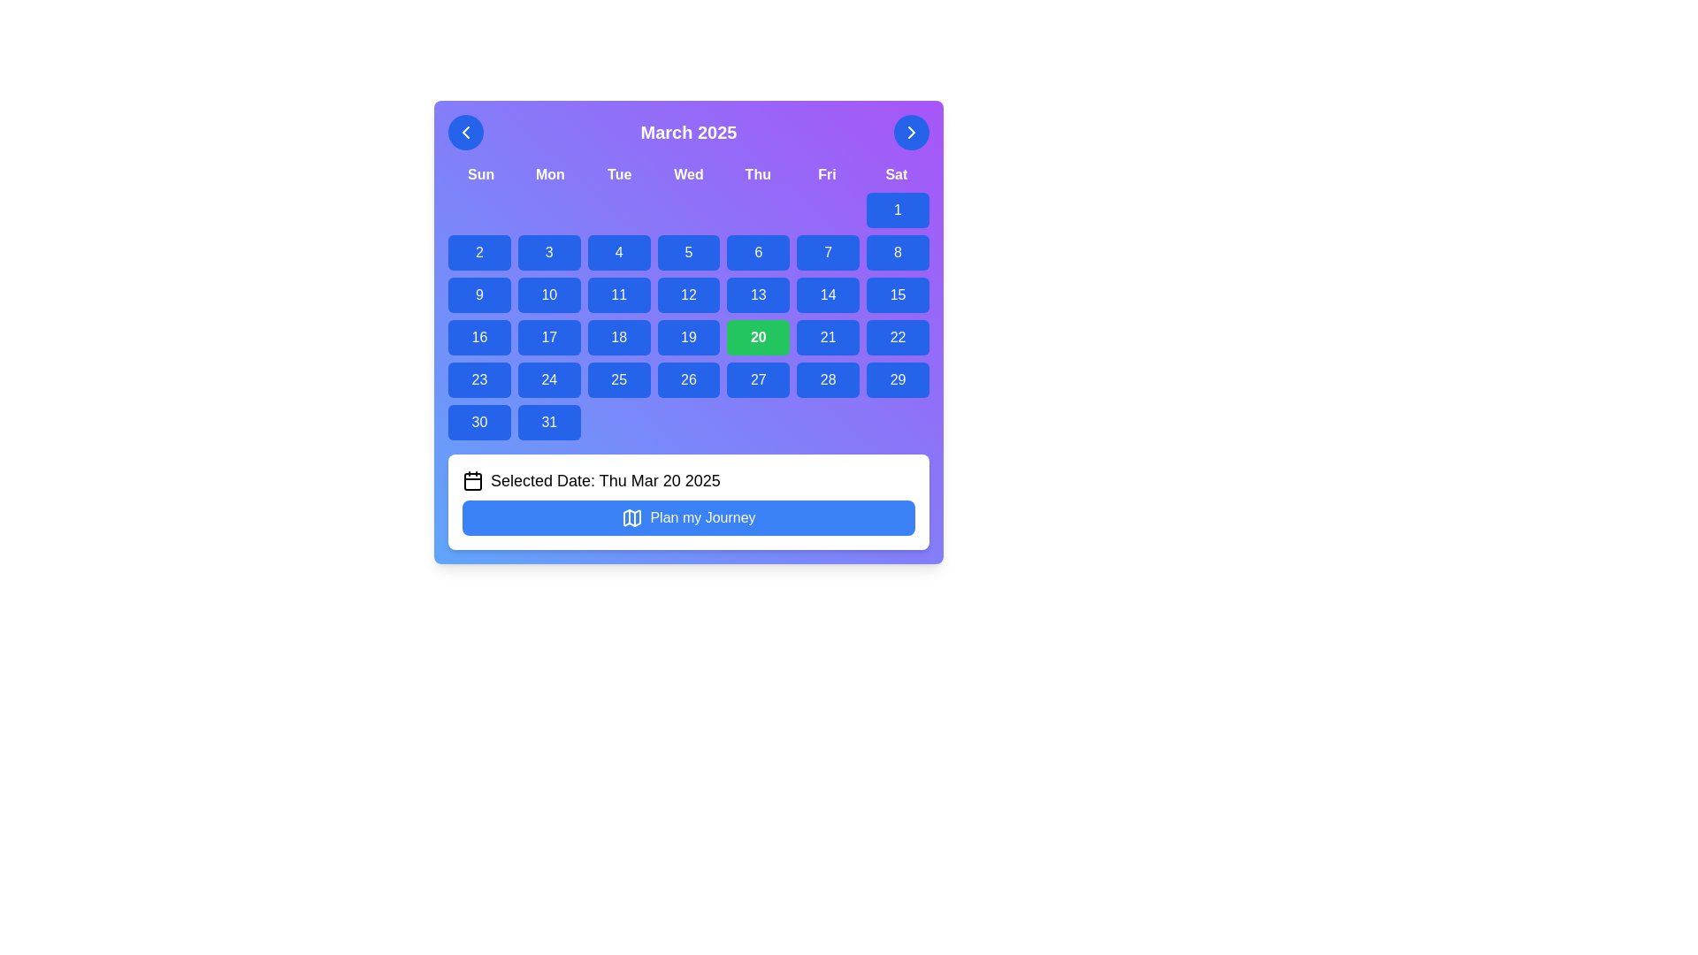 The width and height of the screenshot is (1698, 955). I want to click on the button labeled '12' with a blue background and white text, located in the calendar grid under the 'Wed' column, so click(687, 294).